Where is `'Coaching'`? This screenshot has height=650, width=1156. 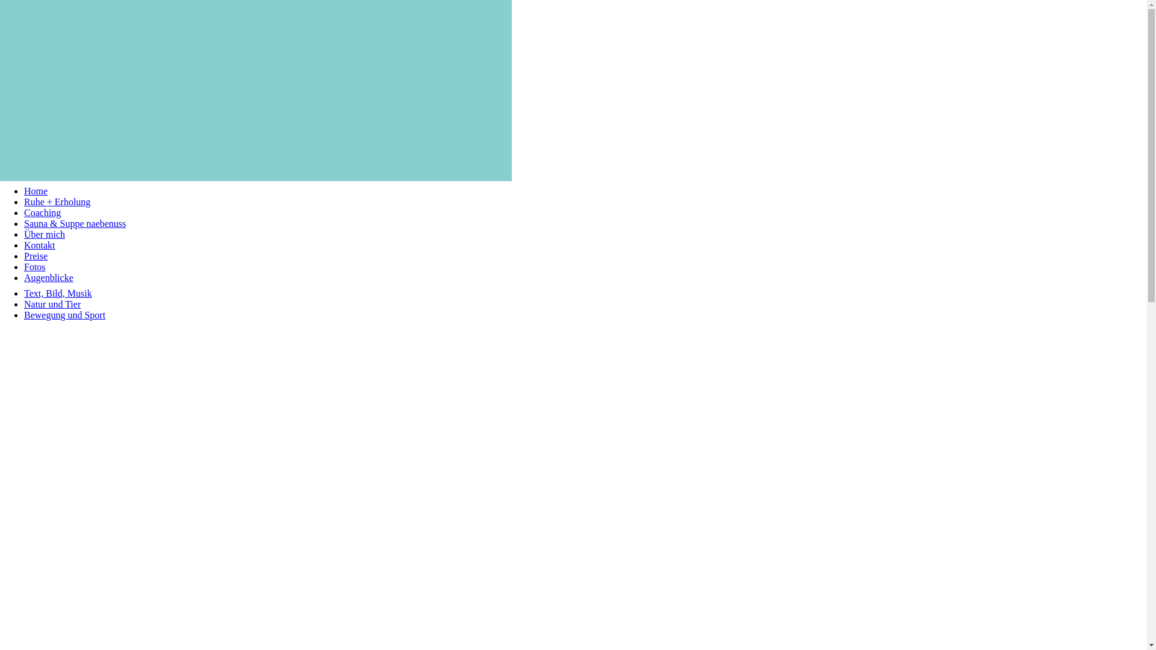 'Coaching' is located at coordinates (42, 212).